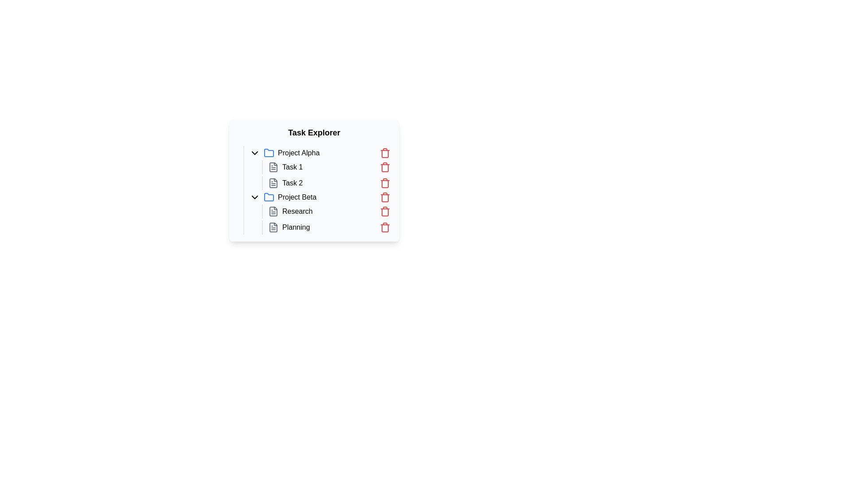 This screenshot has width=851, height=478. Describe the element at coordinates (273, 212) in the screenshot. I see `the file icon located in the 'Task Explorer' panel next to the 'Research' task under 'Project Beta'` at that location.